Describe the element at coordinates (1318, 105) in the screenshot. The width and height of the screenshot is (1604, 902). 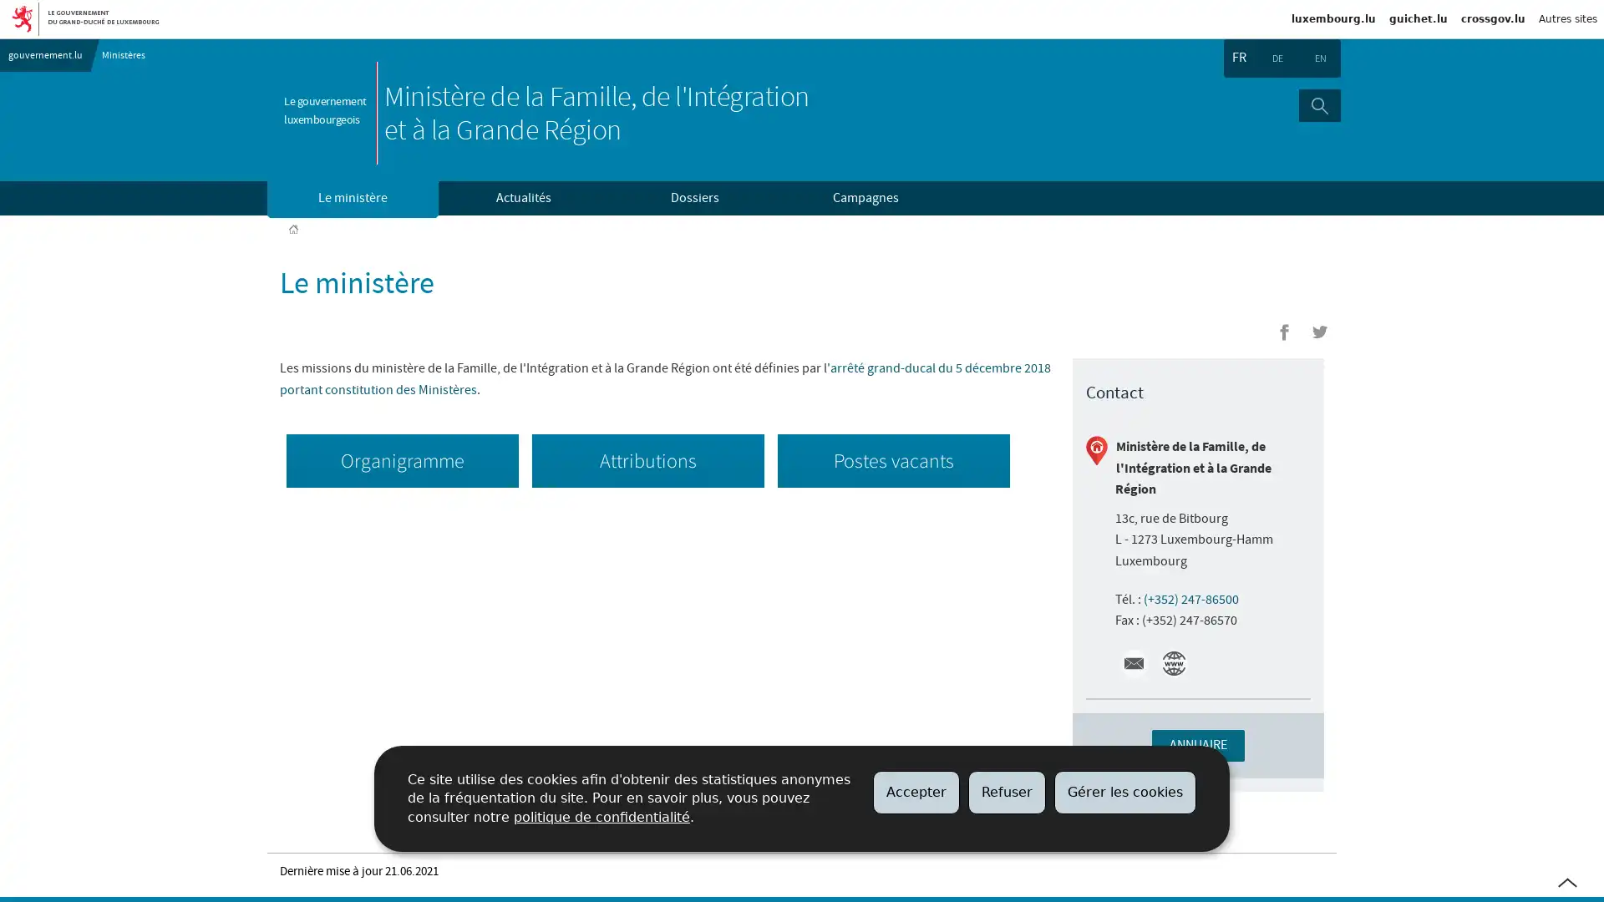
I see `Rechercher` at that location.